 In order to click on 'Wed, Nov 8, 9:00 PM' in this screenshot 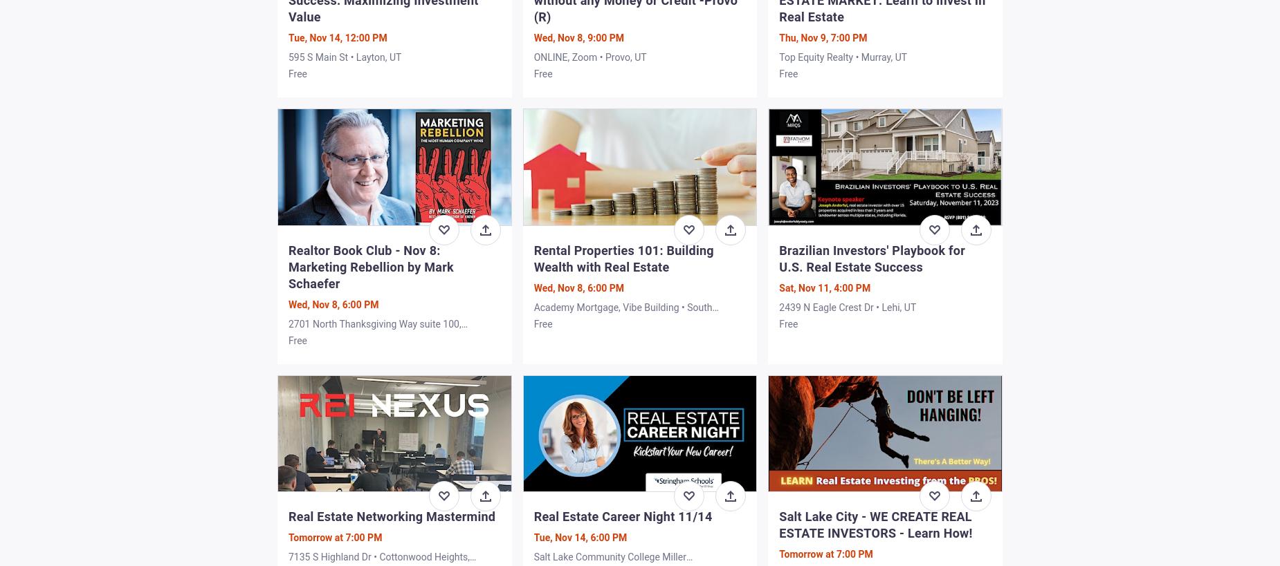, I will do `click(578, 37)`.